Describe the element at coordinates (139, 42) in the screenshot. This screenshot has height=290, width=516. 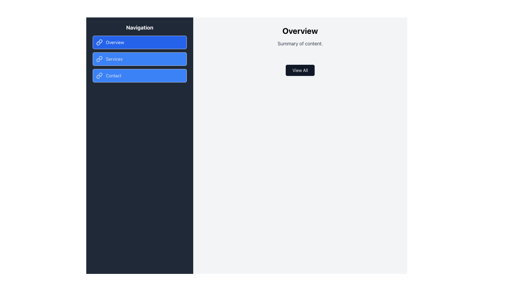
I see `the navigation button located at the top of the left side navigation panel, which redirects to the overview page` at that location.